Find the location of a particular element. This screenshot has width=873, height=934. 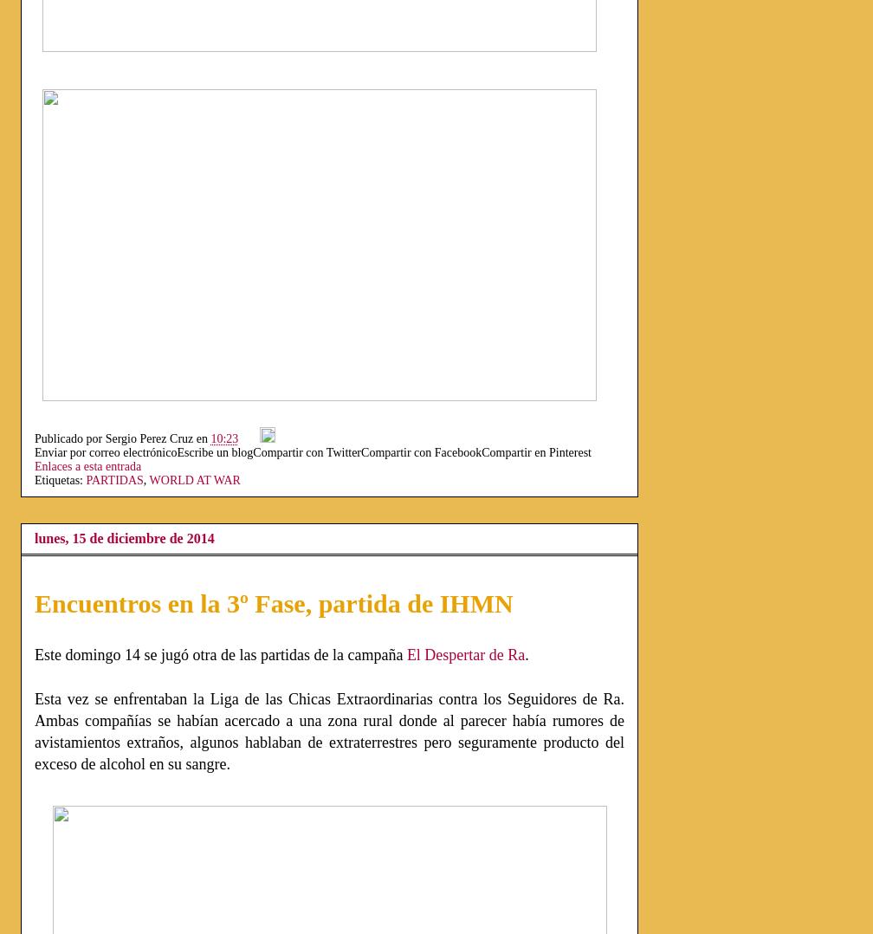

'El Despertar de Ra' is located at coordinates (465, 655).